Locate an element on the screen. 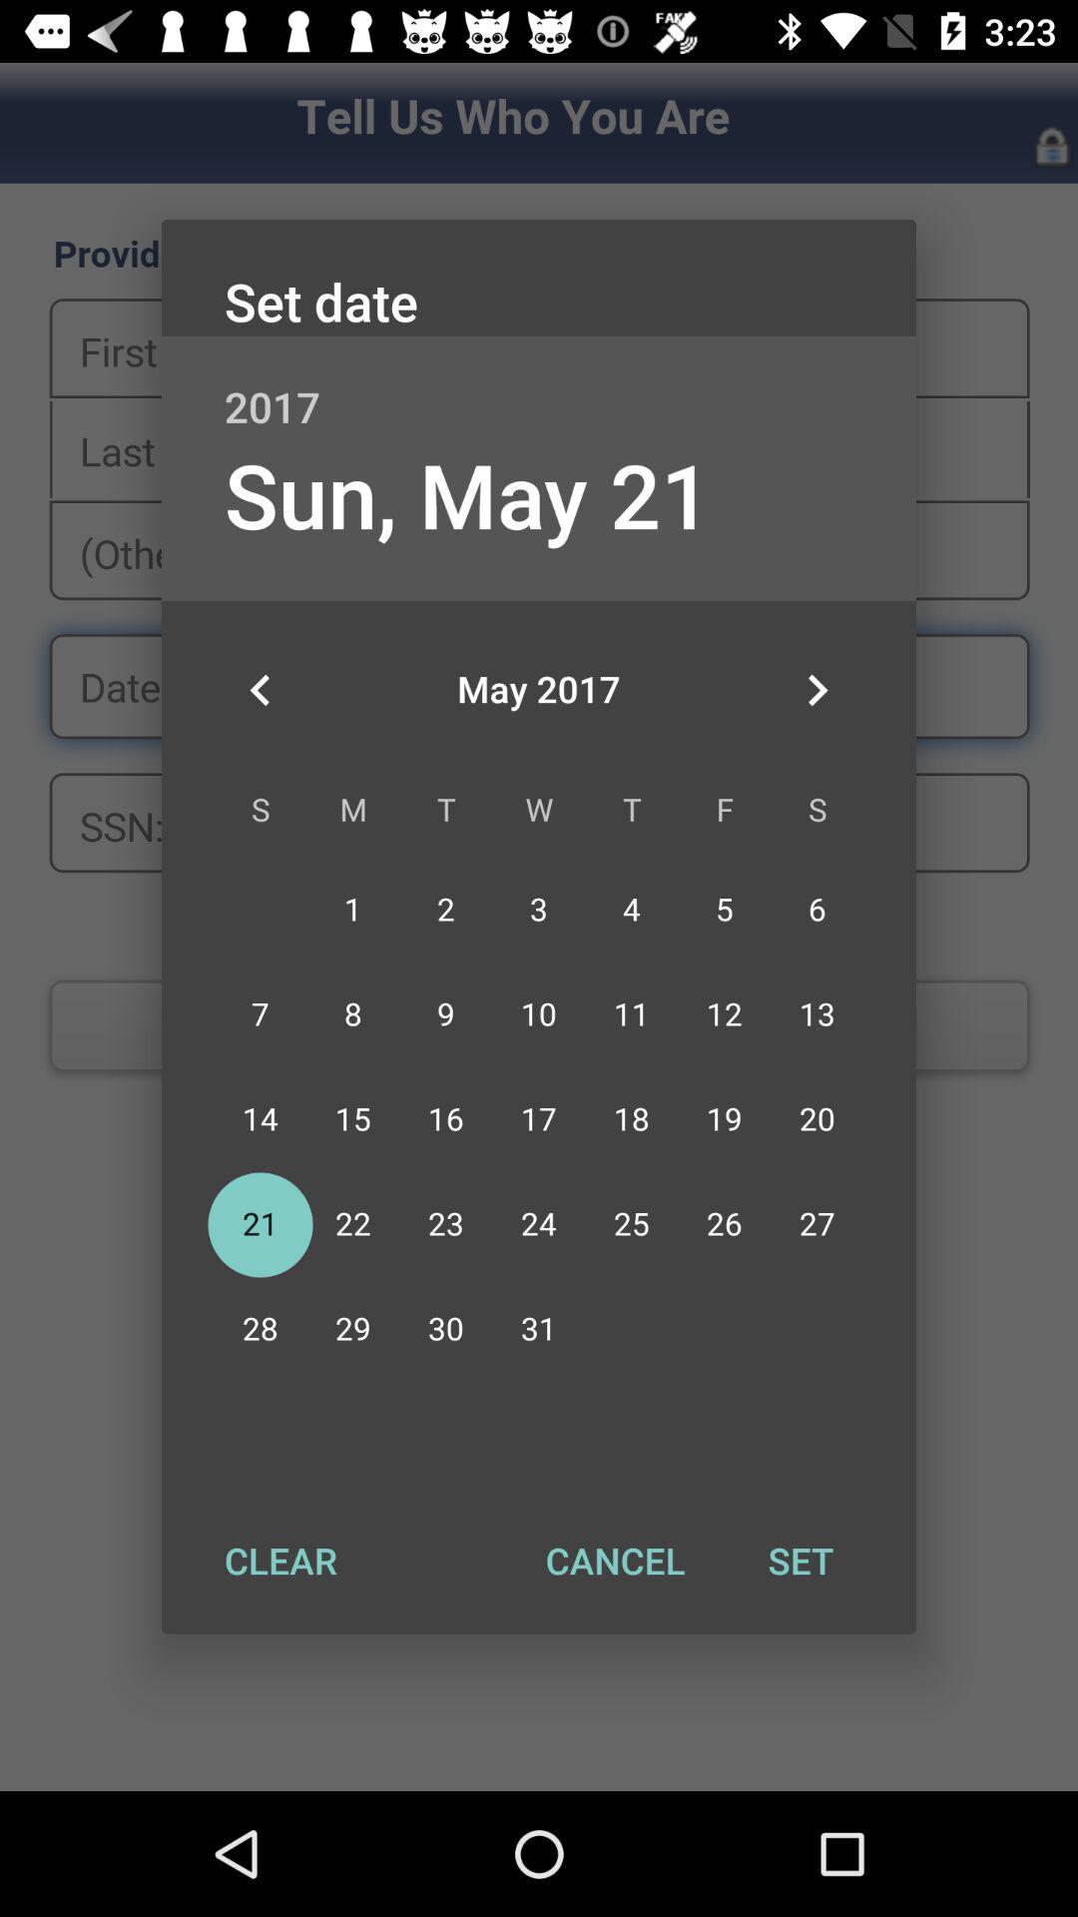 The image size is (1078, 1917). the app below 2017 app is located at coordinates (816, 690).